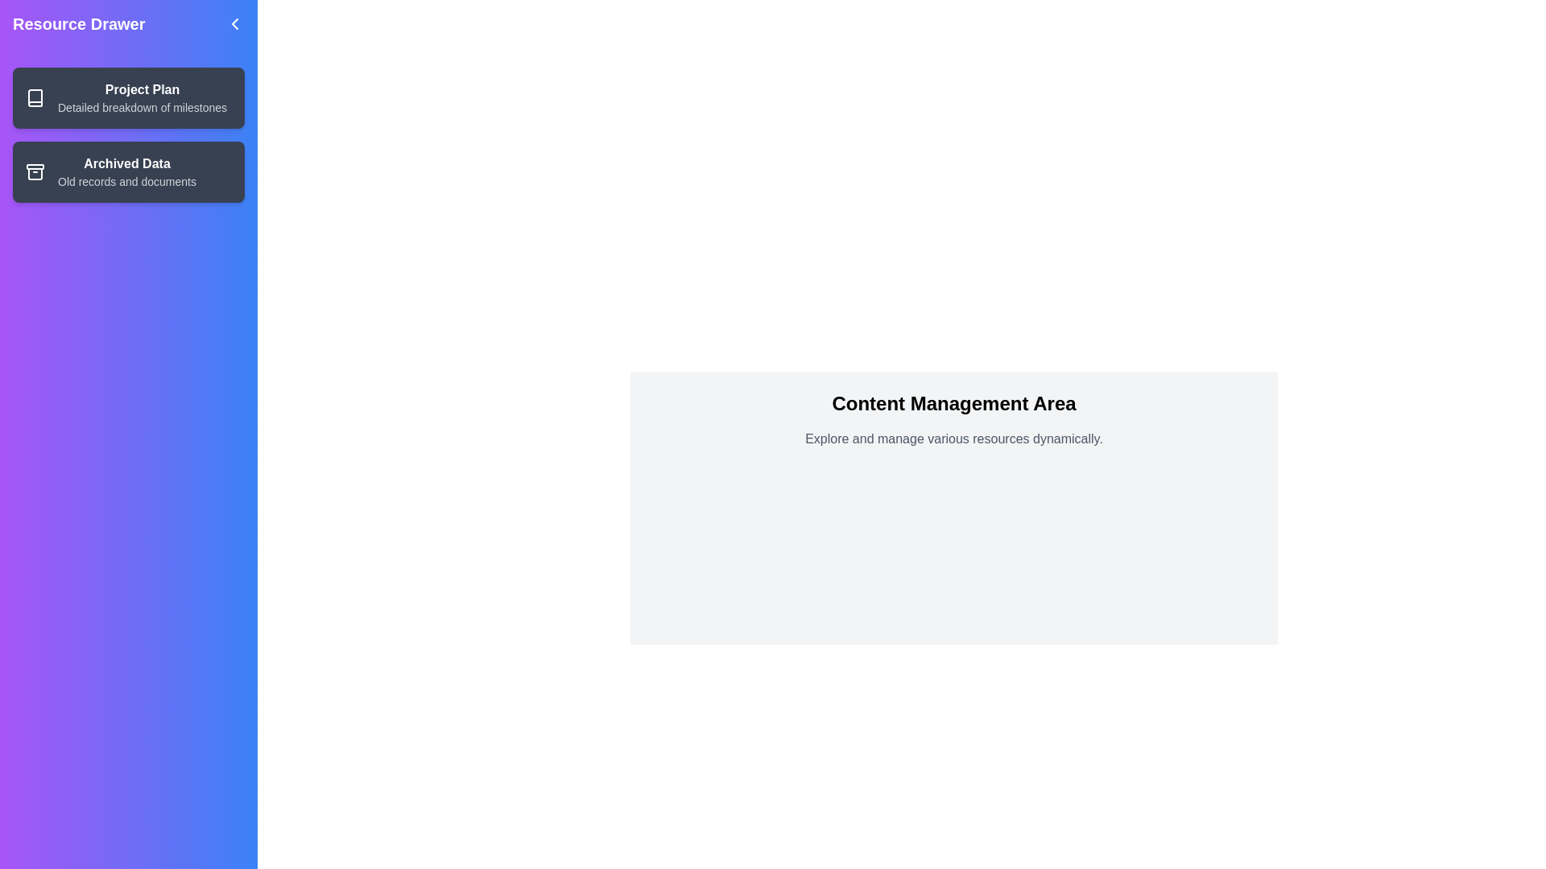 The image size is (1546, 869). I want to click on the resource with the title Archived Data, so click(127, 171).